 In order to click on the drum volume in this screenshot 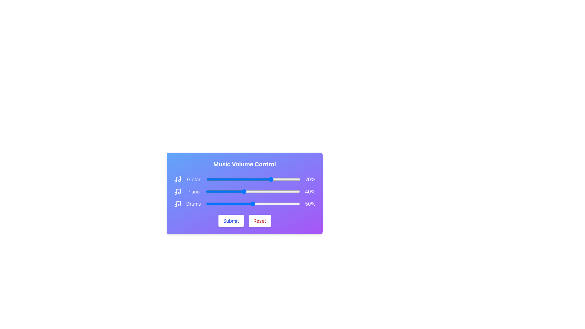, I will do `click(207, 203)`.